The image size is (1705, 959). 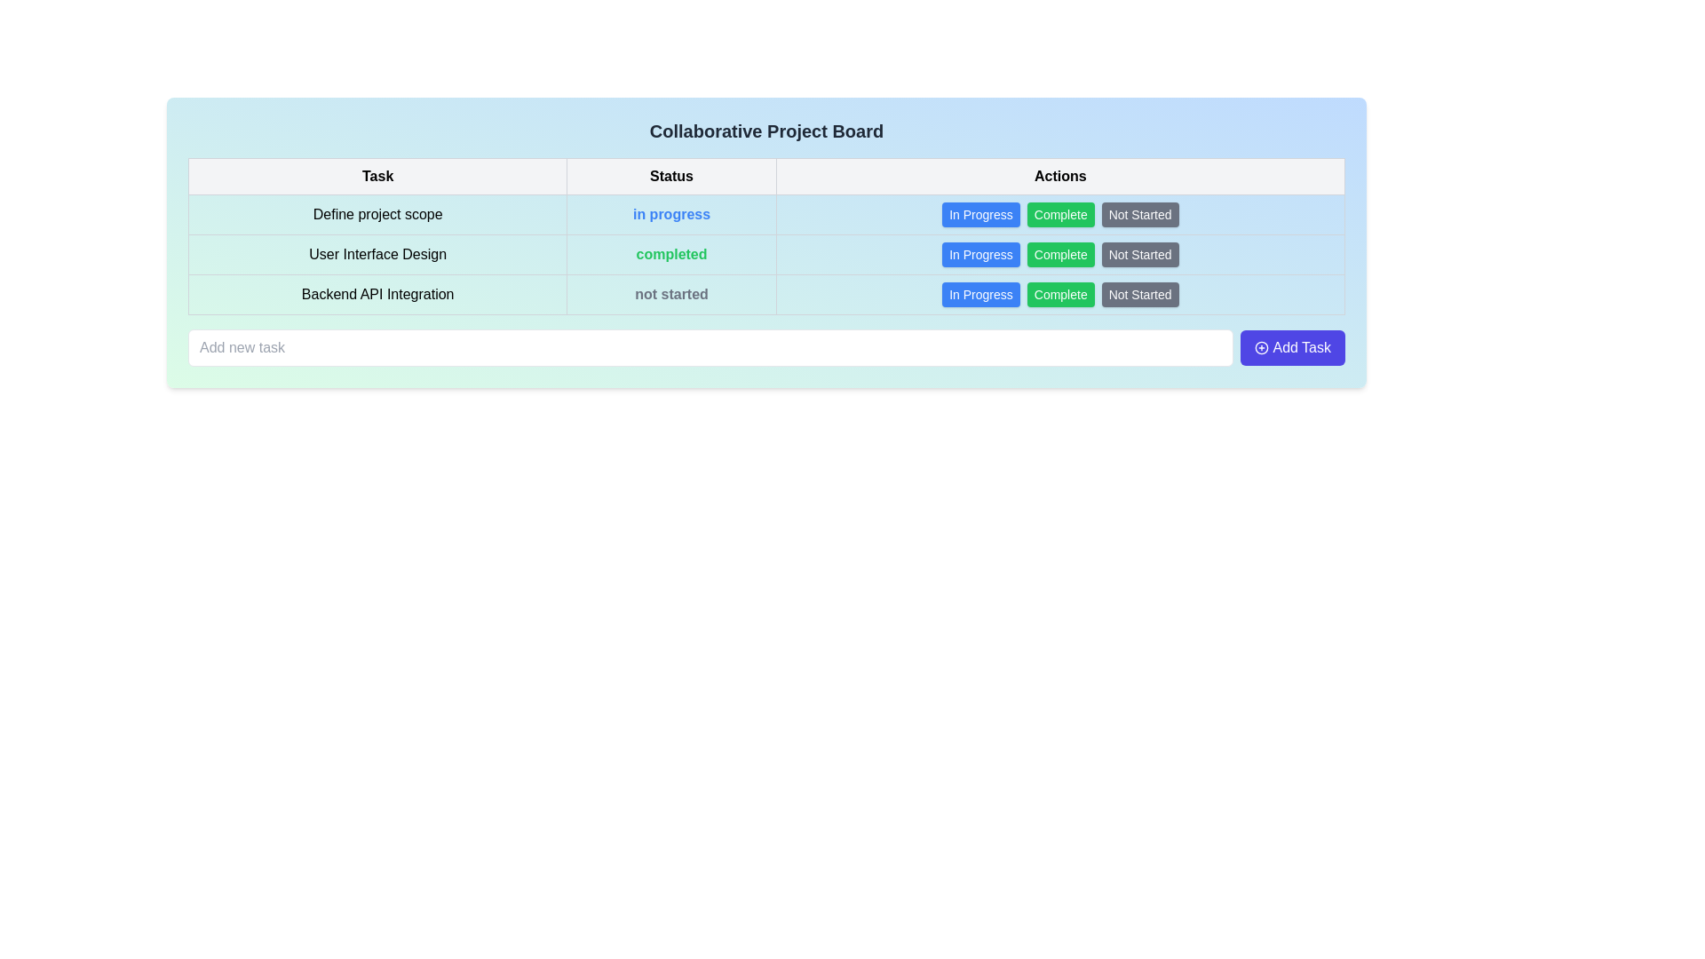 What do you see at coordinates (979, 214) in the screenshot?
I see `the blue button labeled 'In Progress' to set the task to In Progress` at bounding box center [979, 214].